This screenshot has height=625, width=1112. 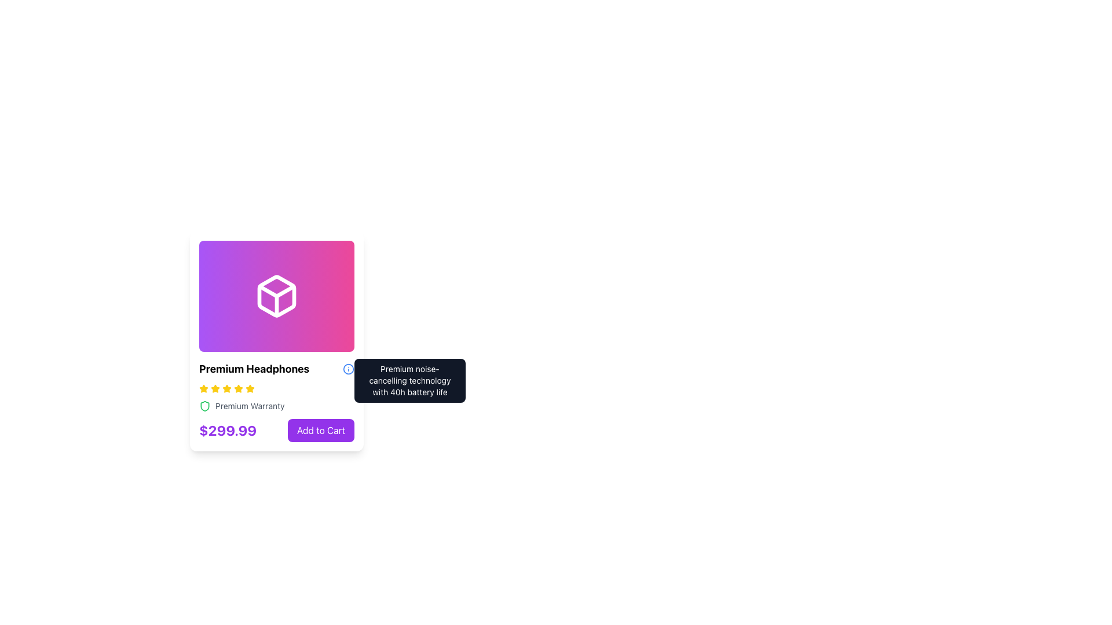 I want to click on the second star icon in the 5-star rating system located below 'Premium Headphones' and above the price '$299.99', so click(x=215, y=388).